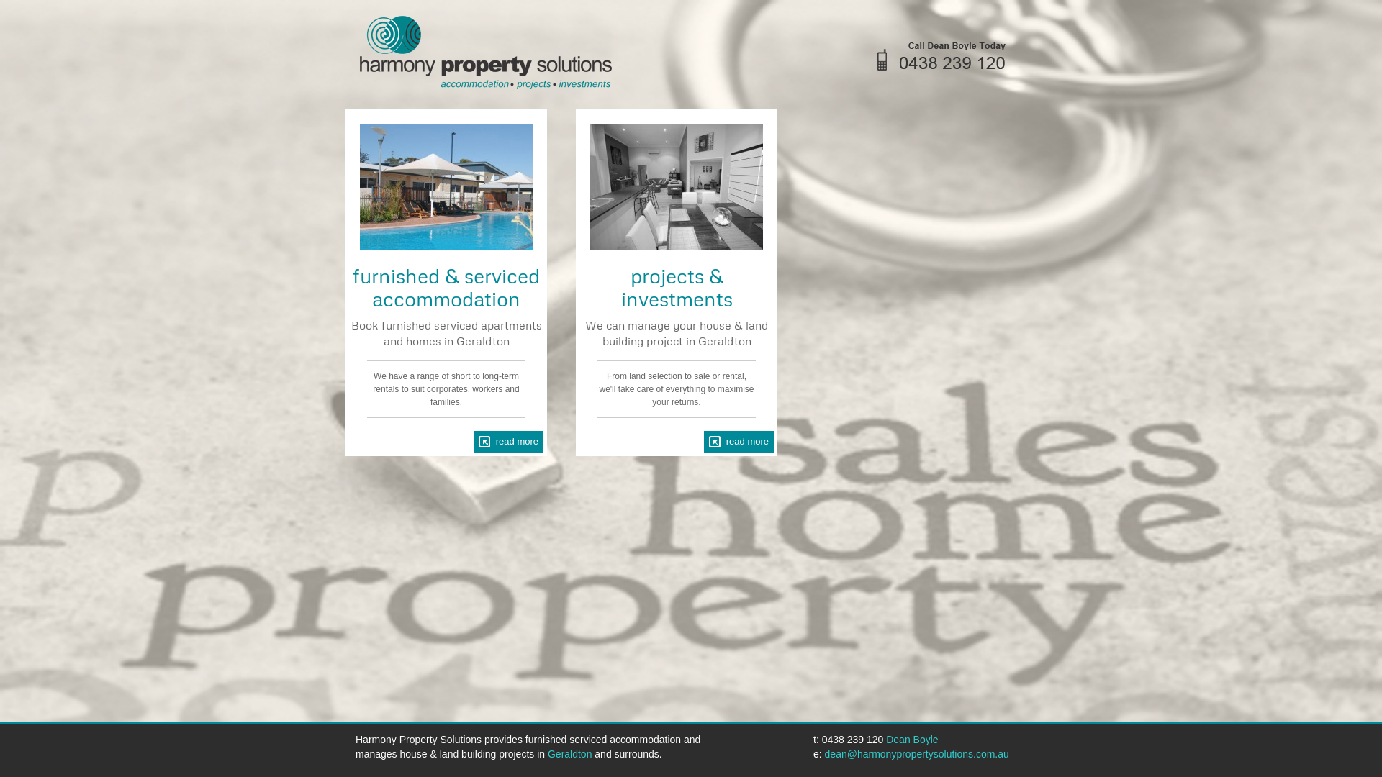 This screenshot has width=1382, height=777. I want to click on 'Dean Boyle', so click(911, 740).